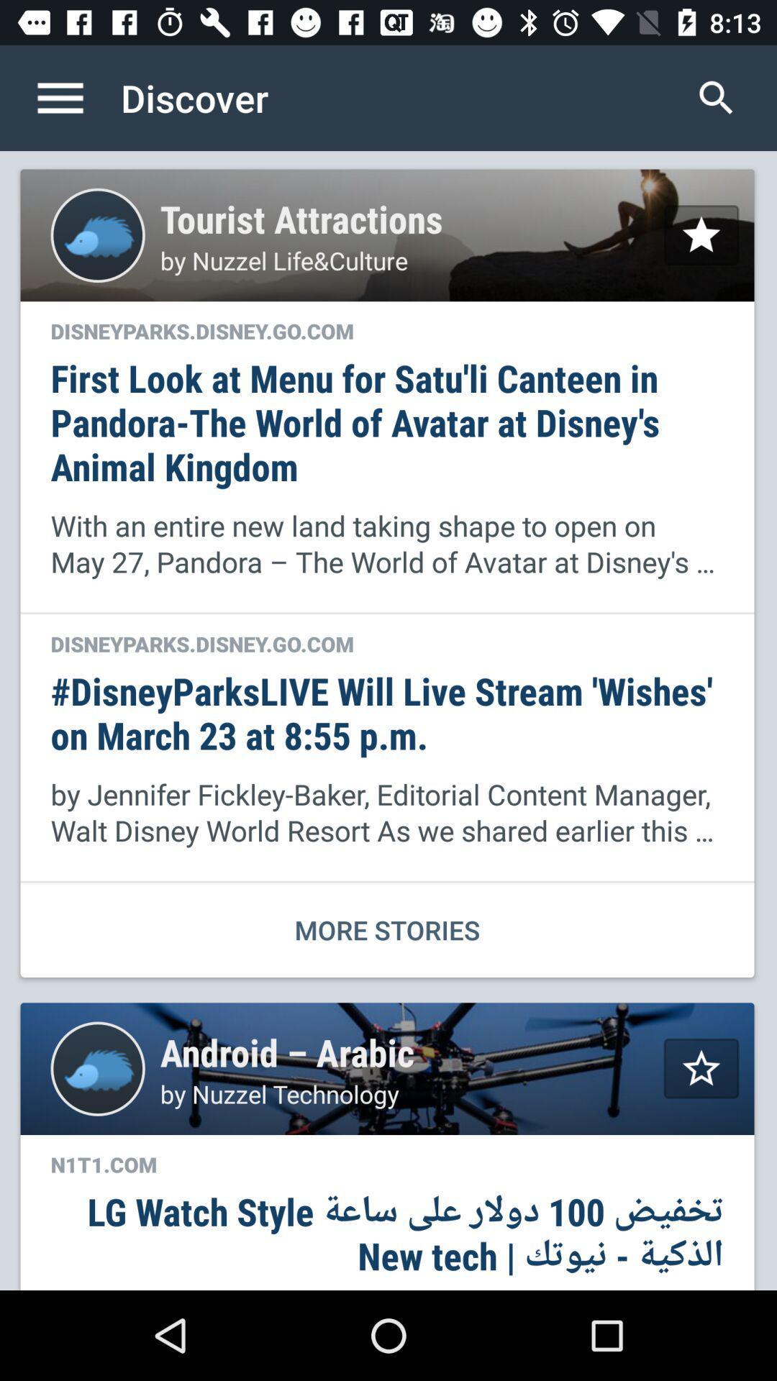 The width and height of the screenshot is (777, 1381). What do you see at coordinates (701, 234) in the screenshot?
I see `star selection` at bounding box center [701, 234].